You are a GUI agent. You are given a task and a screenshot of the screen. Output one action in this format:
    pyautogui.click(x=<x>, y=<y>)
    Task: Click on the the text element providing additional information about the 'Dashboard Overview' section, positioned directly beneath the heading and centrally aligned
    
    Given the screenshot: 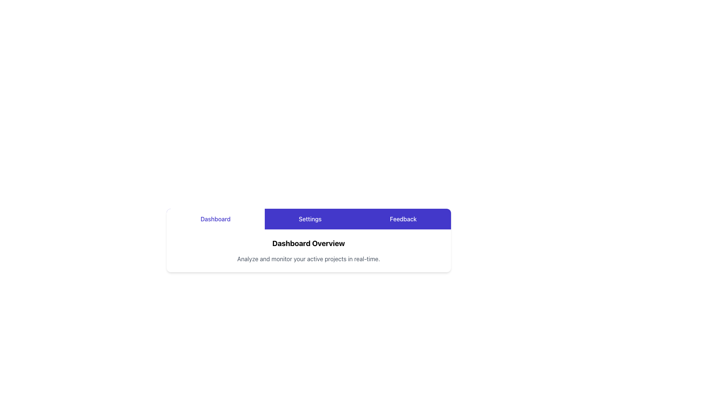 What is the action you would take?
    pyautogui.click(x=308, y=259)
    